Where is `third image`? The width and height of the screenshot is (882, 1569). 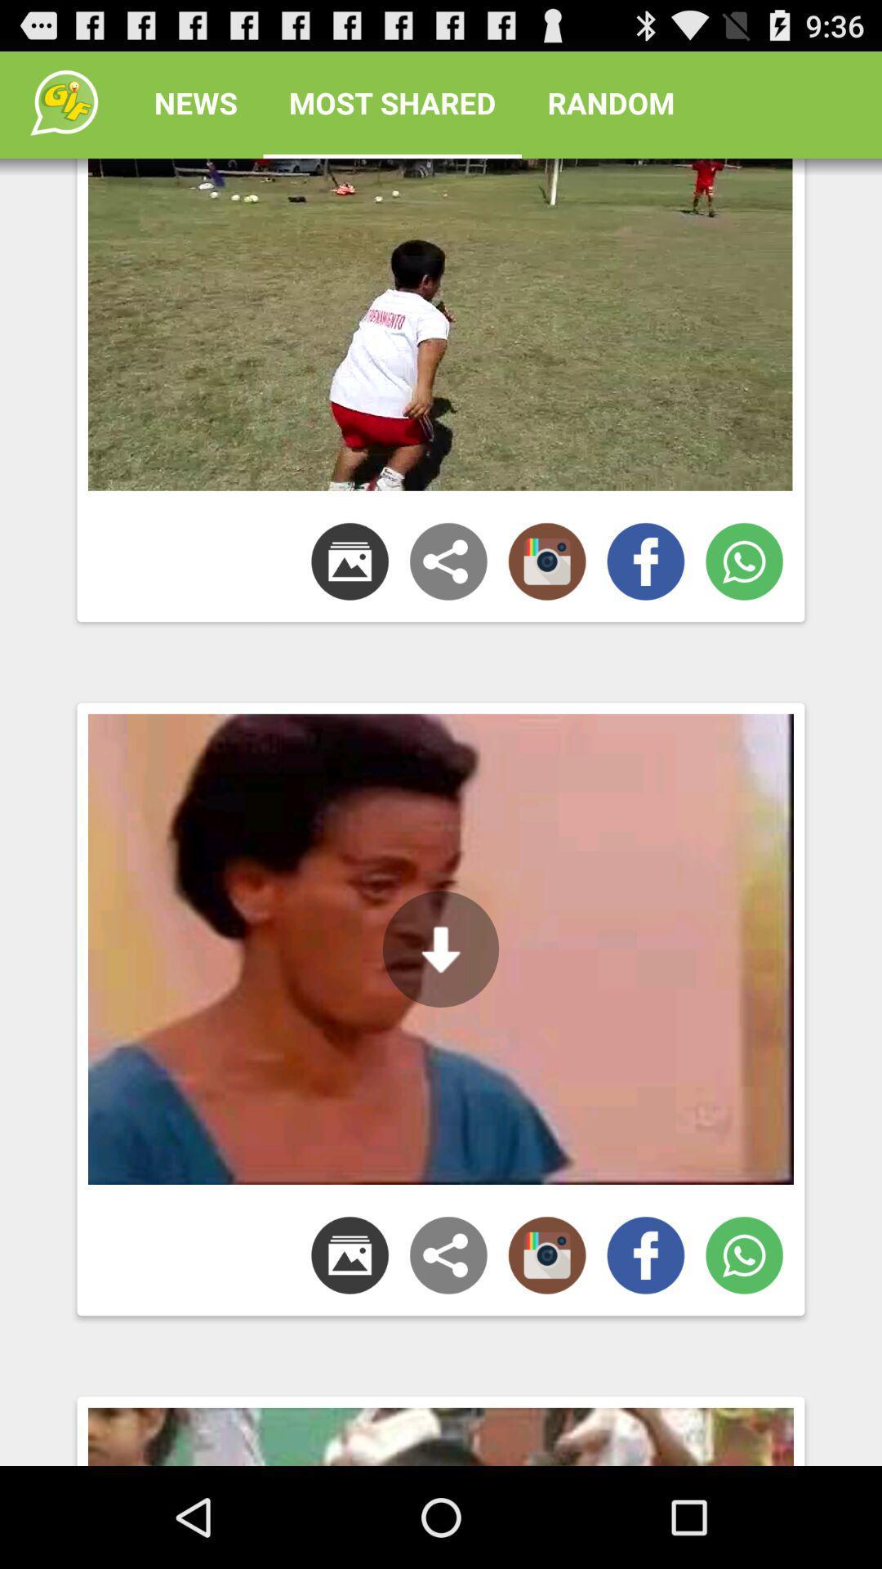
third image is located at coordinates (441, 1427).